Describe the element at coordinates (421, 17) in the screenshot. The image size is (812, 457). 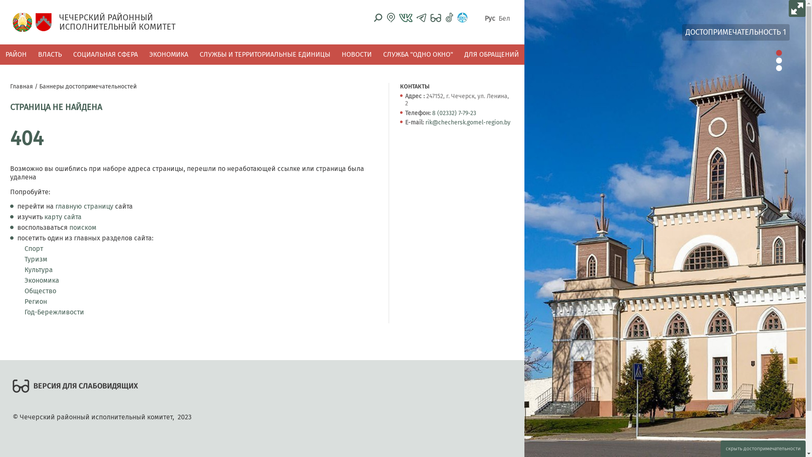
I see `'telegram'` at that location.